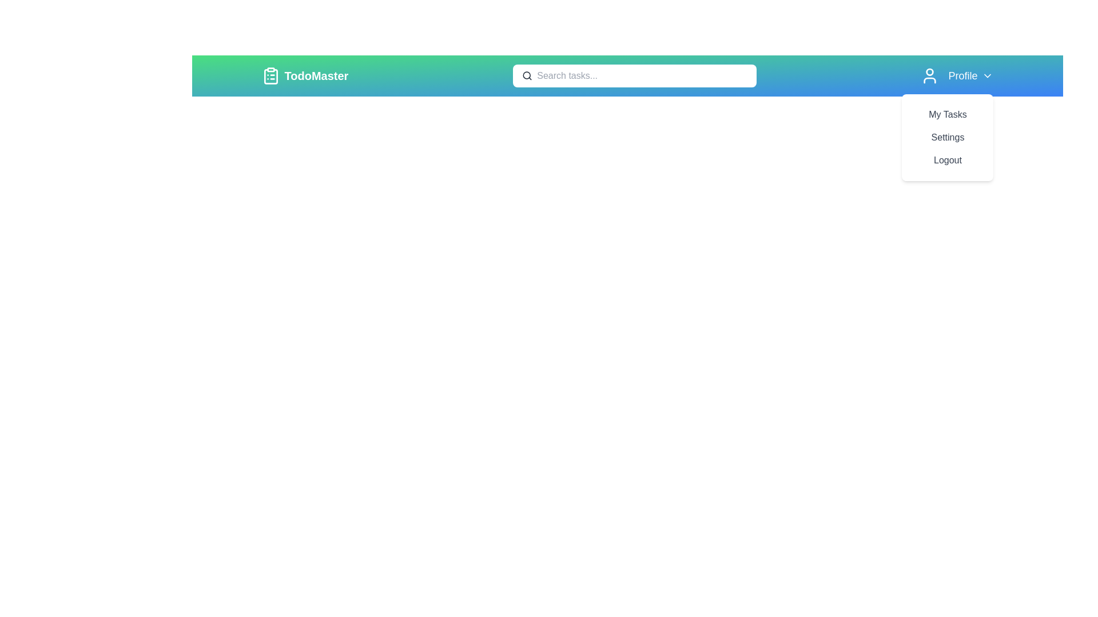 The height and width of the screenshot is (617, 1098). Describe the element at coordinates (962, 75) in the screenshot. I see `the user profile interaction label located at the right-most area of the top navigation bar, adjacent to the user icon and dropdown indicator` at that location.